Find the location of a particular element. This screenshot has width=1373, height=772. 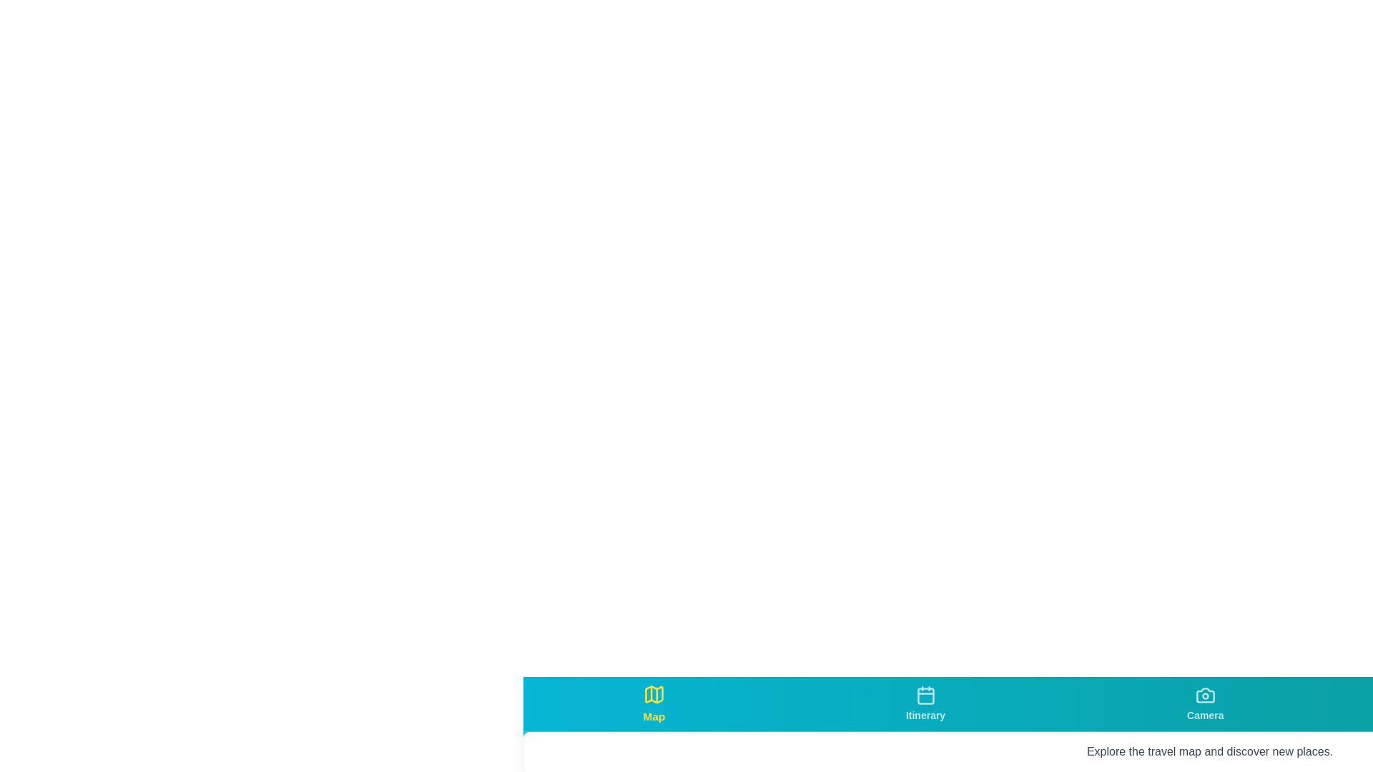

the Itinerary tab to inspect its content is located at coordinates (925, 703).